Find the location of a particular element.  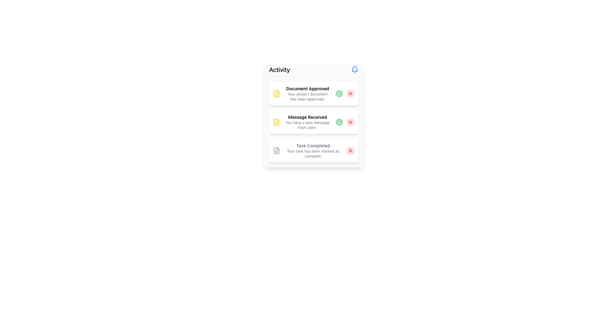

the document icon with a folded corner located in the third notification item under the 'Activity' section is located at coordinates (276, 151).